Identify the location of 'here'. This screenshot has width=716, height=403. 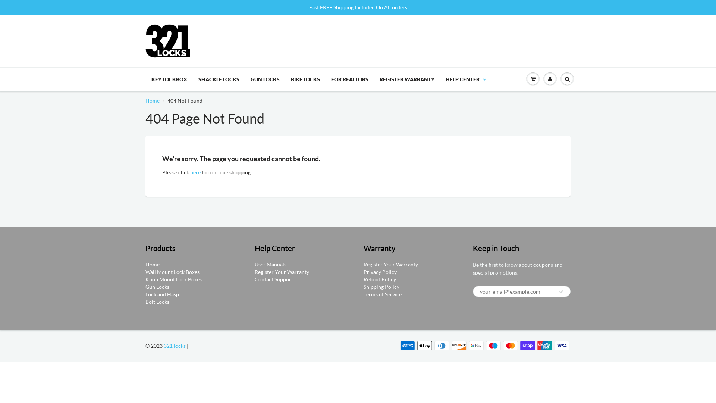
(195, 172).